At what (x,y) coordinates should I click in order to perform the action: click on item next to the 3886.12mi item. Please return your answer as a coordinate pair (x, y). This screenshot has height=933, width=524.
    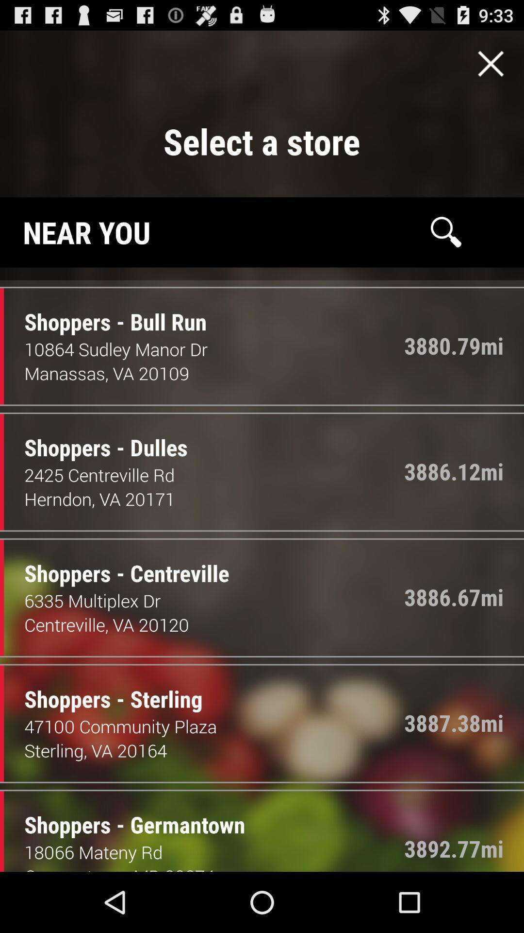
    Looking at the image, I should click on (98, 437).